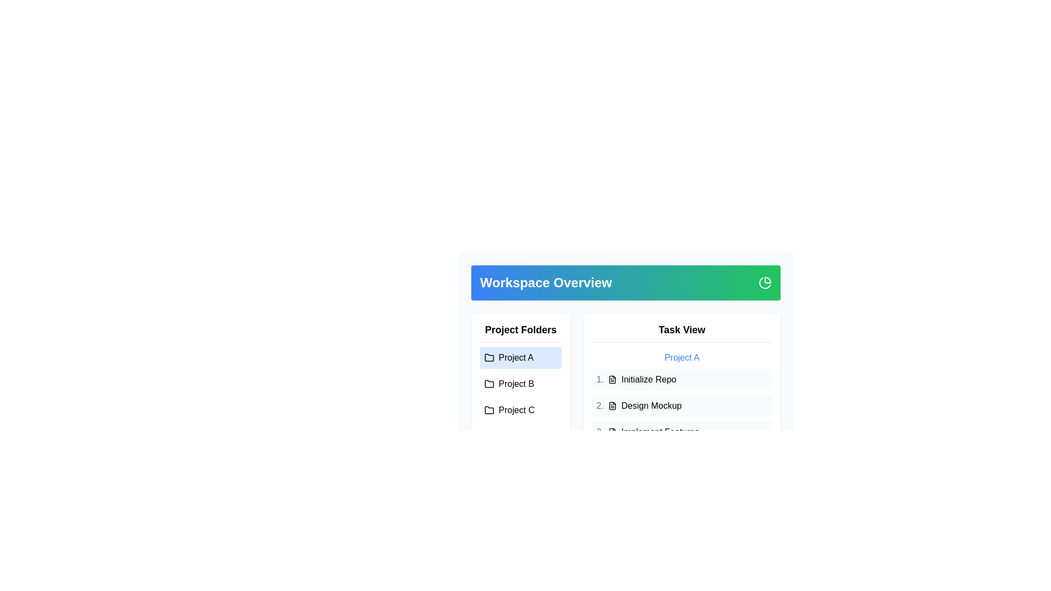  I want to click on the circular pie chart icon located on the far-right side of the header bar in the 'Workspace Overview' section, so click(764, 282).